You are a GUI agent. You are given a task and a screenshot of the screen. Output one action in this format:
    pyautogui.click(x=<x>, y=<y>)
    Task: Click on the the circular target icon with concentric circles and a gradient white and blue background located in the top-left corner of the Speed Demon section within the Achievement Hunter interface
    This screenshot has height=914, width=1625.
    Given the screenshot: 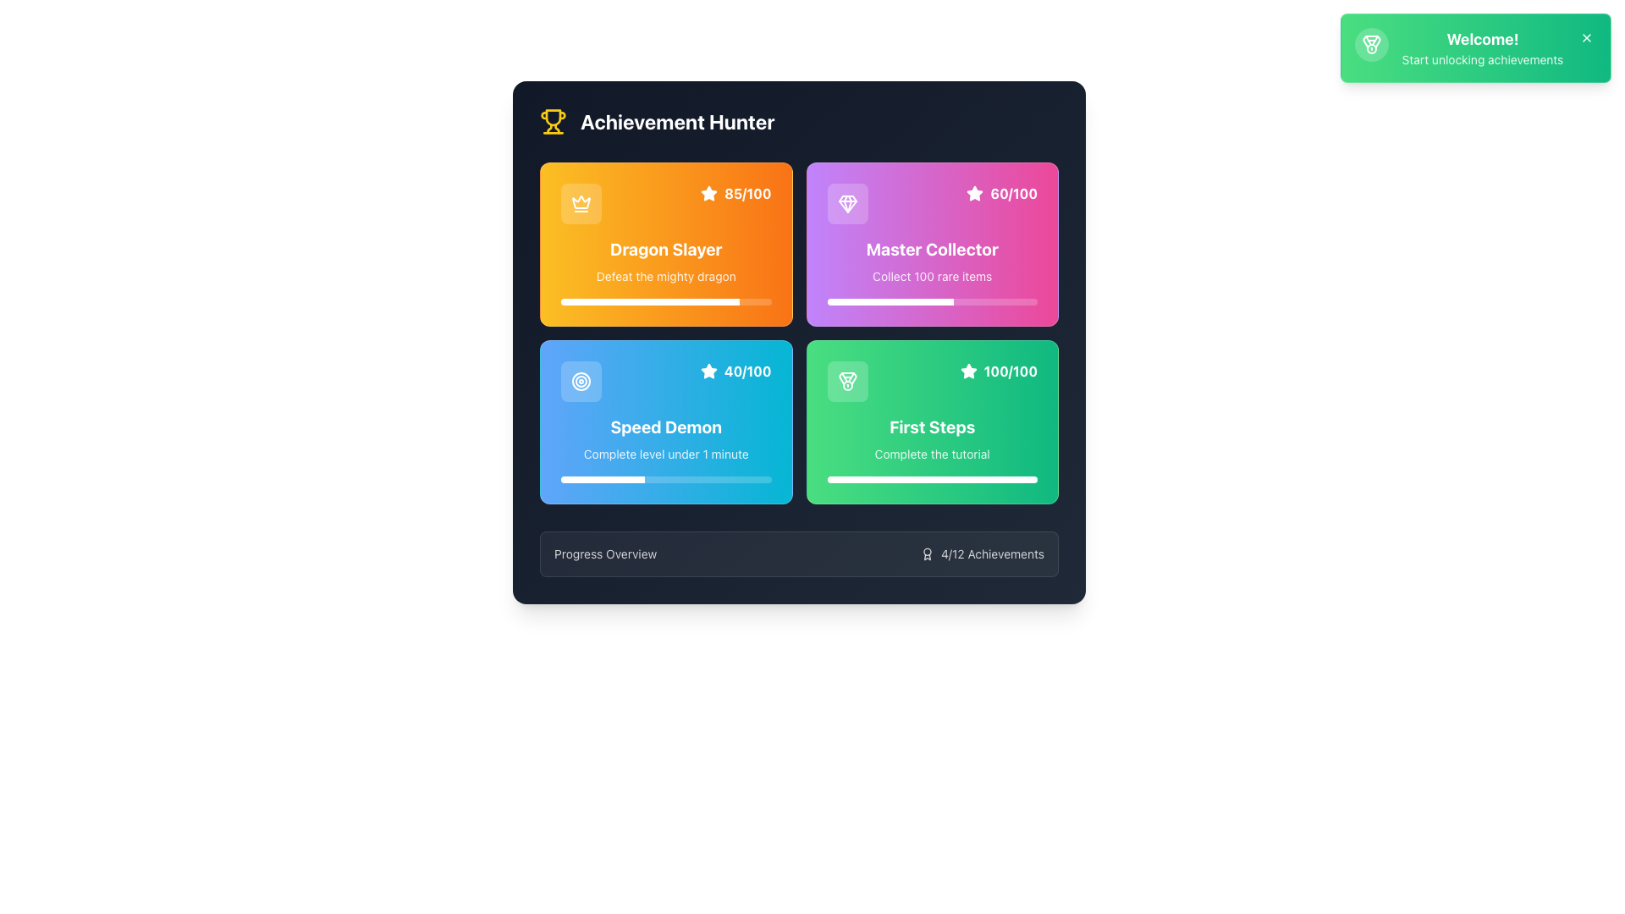 What is the action you would take?
    pyautogui.click(x=581, y=382)
    